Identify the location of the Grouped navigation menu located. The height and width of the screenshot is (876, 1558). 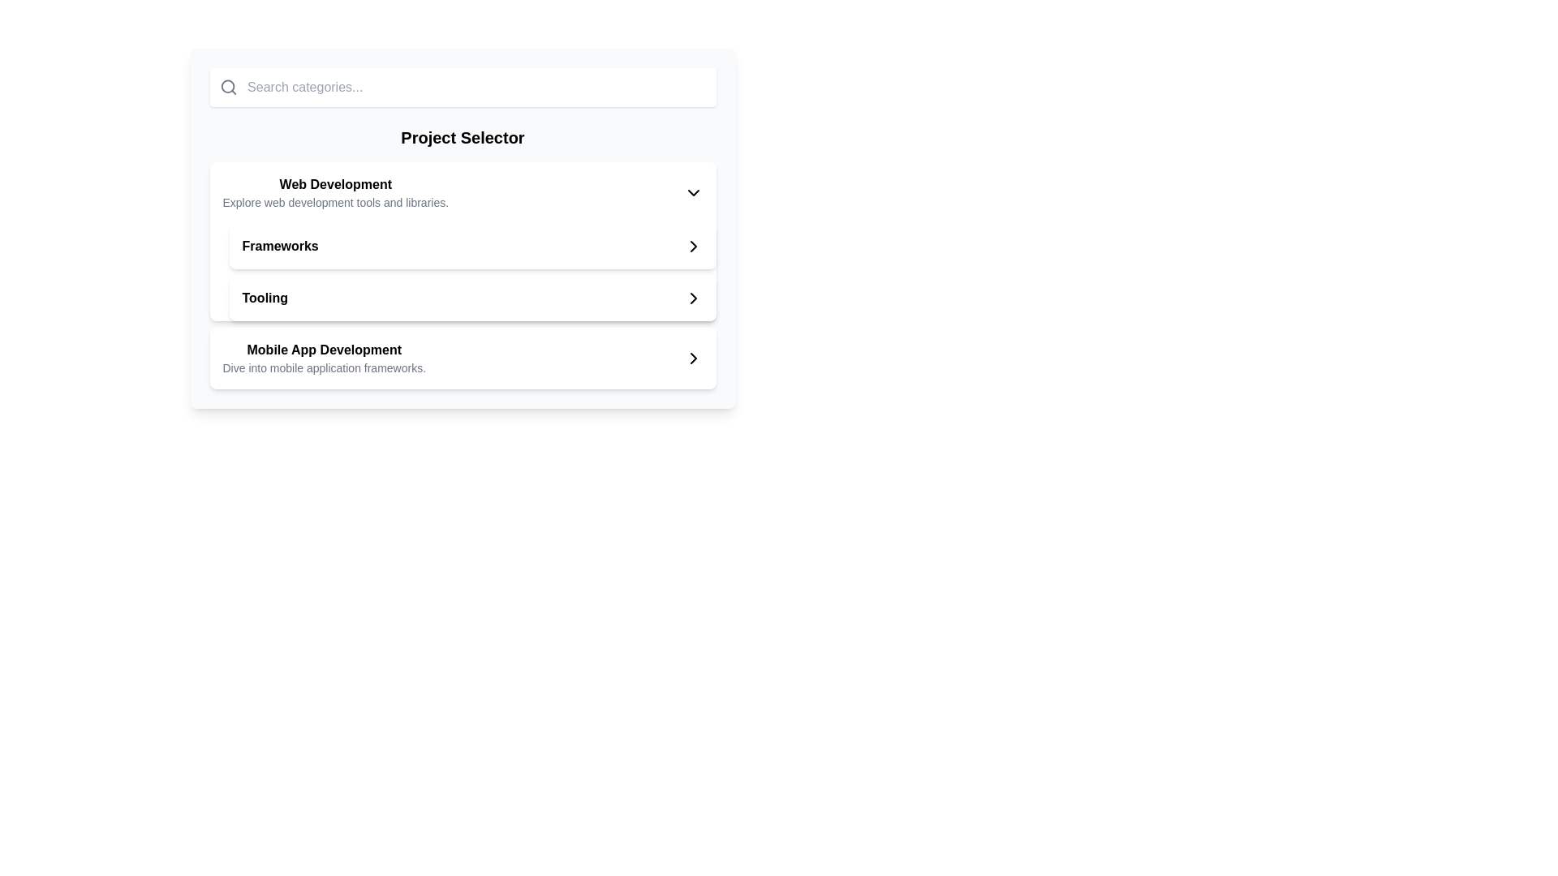
(471, 271).